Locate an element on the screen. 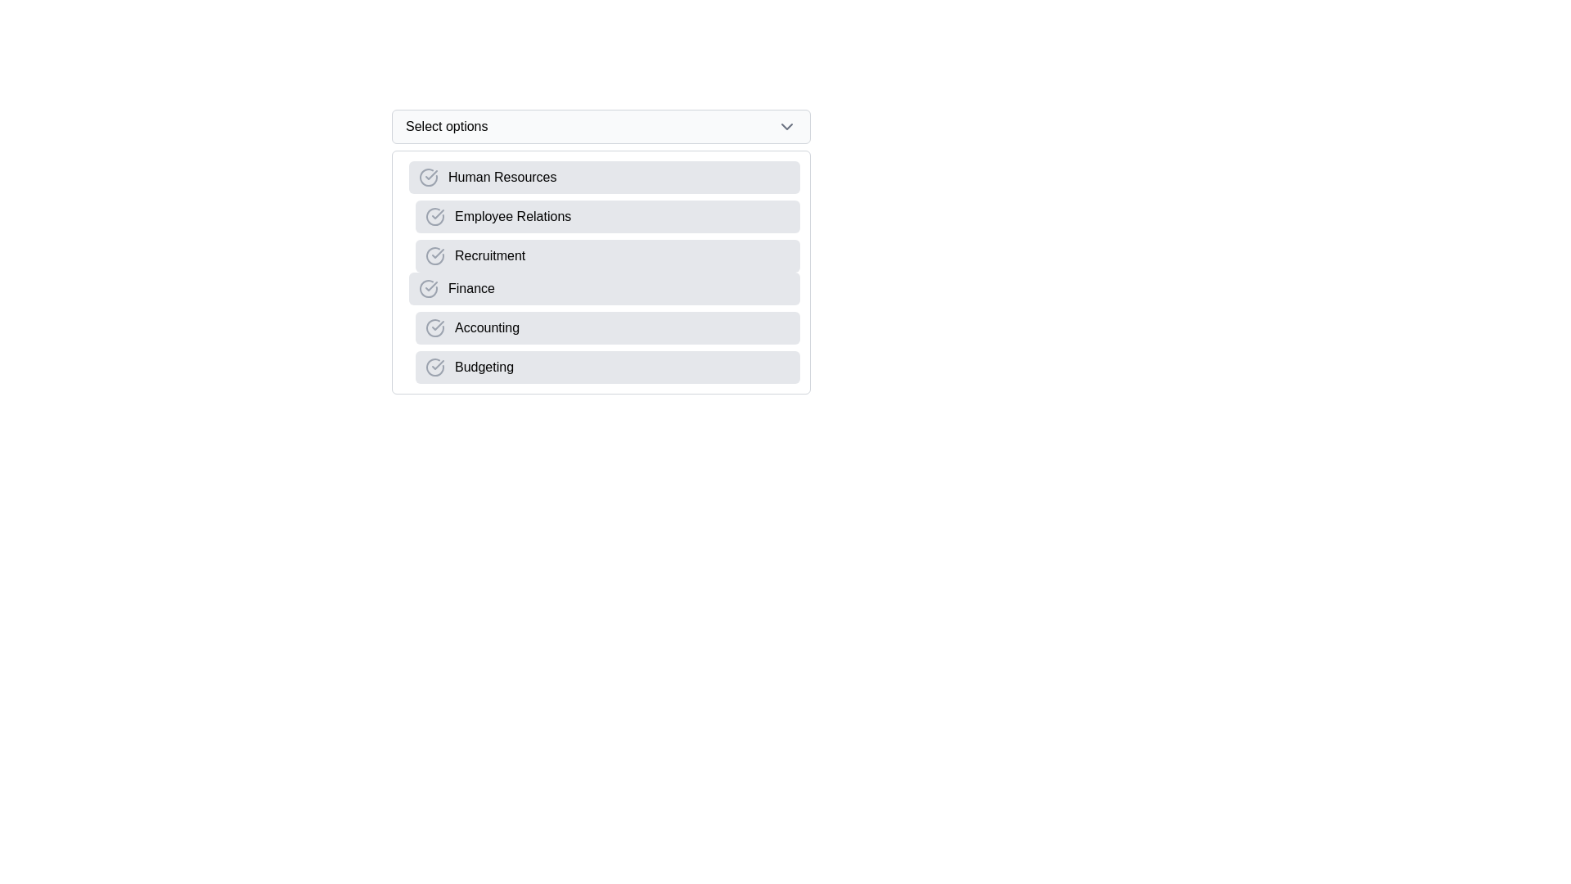 The width and height of the screenshot is (1571, 884). the downward-pointing chevron icon button, which is styled with a gray color and is part of a select dropdown header, located at the far-right end of the 'Select options' label is located at coordinates (786, 125).